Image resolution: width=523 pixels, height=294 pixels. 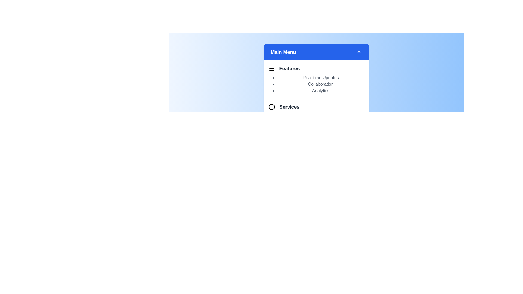 What do you see at coordinates (272, 68) in the screenshot?
I see `the icon representing the Features section` at bounding box center [272, 68].